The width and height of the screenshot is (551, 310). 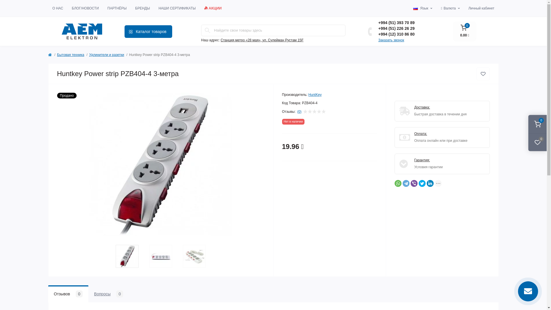 What do you see at coordinates (396, 28) in the screenshot?
I see `'+994 (51) 226 26 29'` at bounding box center [396, 28].